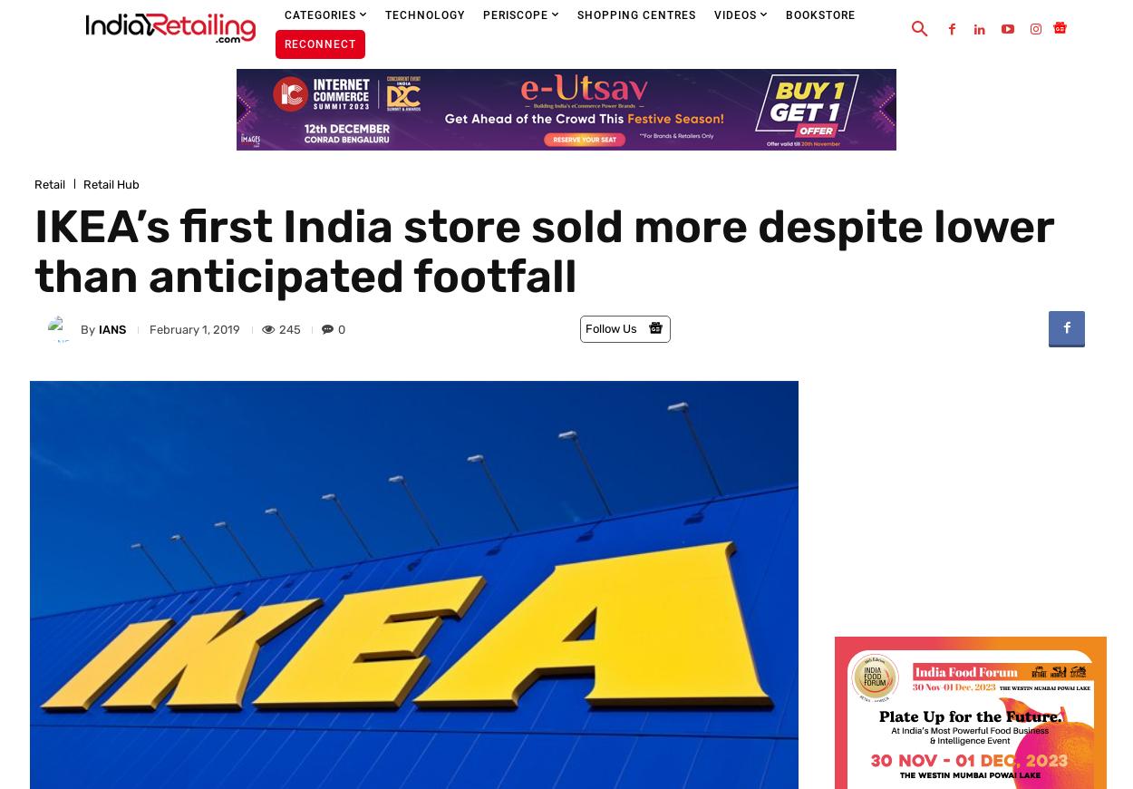  What do you see at coordinates (586, 328) in the screenshot?
I see `'Follow Us'` at bounding box center [586, 328].